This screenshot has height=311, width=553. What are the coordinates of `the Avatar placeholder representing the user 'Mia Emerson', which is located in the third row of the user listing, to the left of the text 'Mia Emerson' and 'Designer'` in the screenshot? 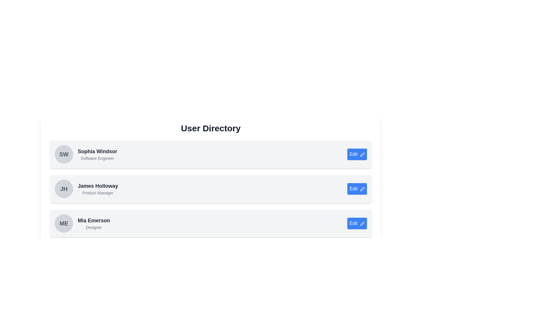 It's located at (64, 223).